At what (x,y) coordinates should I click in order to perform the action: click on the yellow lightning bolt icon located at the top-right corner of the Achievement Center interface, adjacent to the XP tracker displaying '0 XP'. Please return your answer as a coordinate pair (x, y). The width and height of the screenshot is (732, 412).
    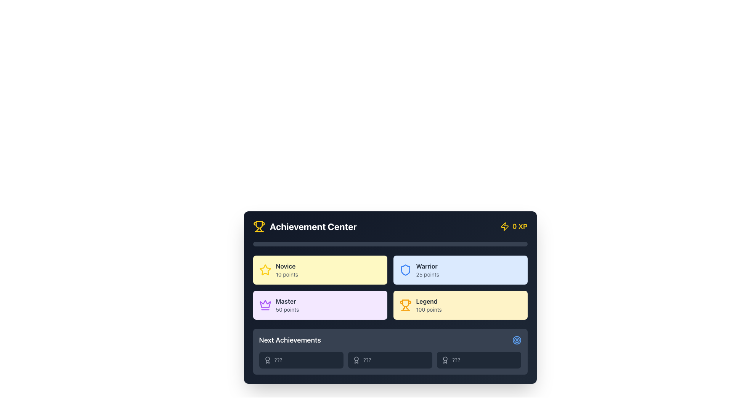
    Looking at the image, I should click on (504, 226).